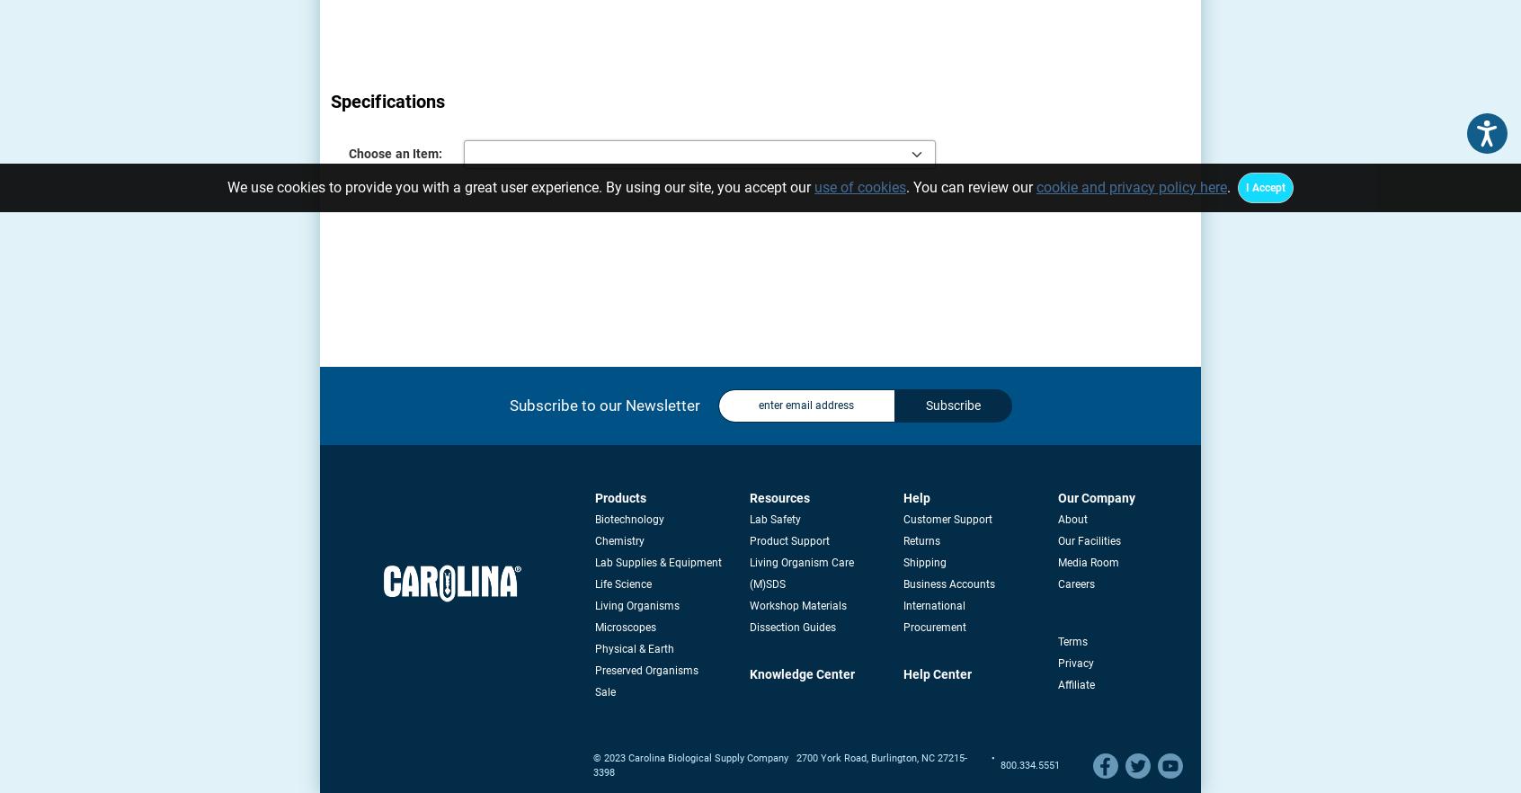  What do you see at coordinates (936, 673) in the screenshot?
I see `'Help Center'` at bounding box center [936, 673].